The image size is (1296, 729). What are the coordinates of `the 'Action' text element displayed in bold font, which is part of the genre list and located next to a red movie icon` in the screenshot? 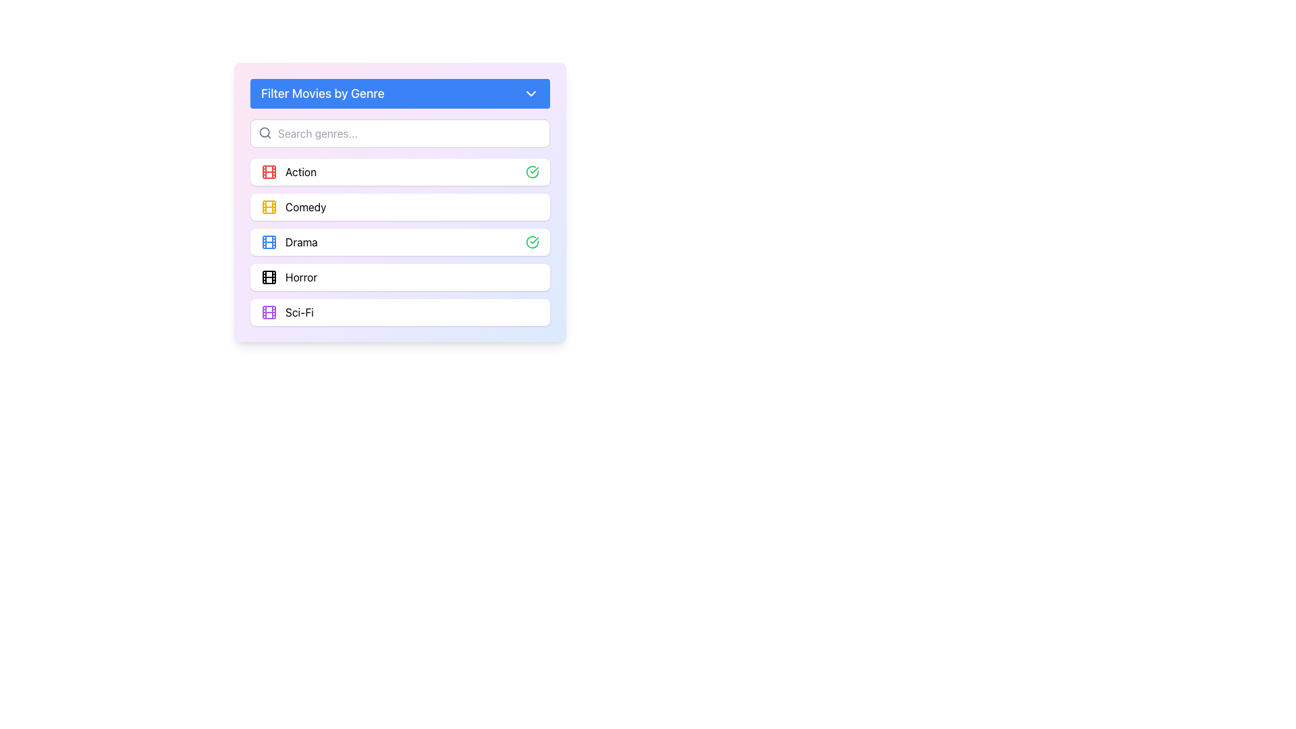 It's located at (300, 171).